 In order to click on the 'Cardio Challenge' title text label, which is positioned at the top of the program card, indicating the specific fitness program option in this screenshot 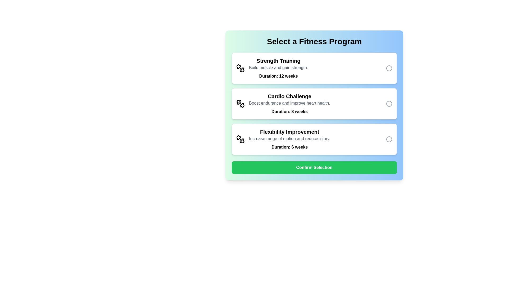, I will do `click(289, 96)`.